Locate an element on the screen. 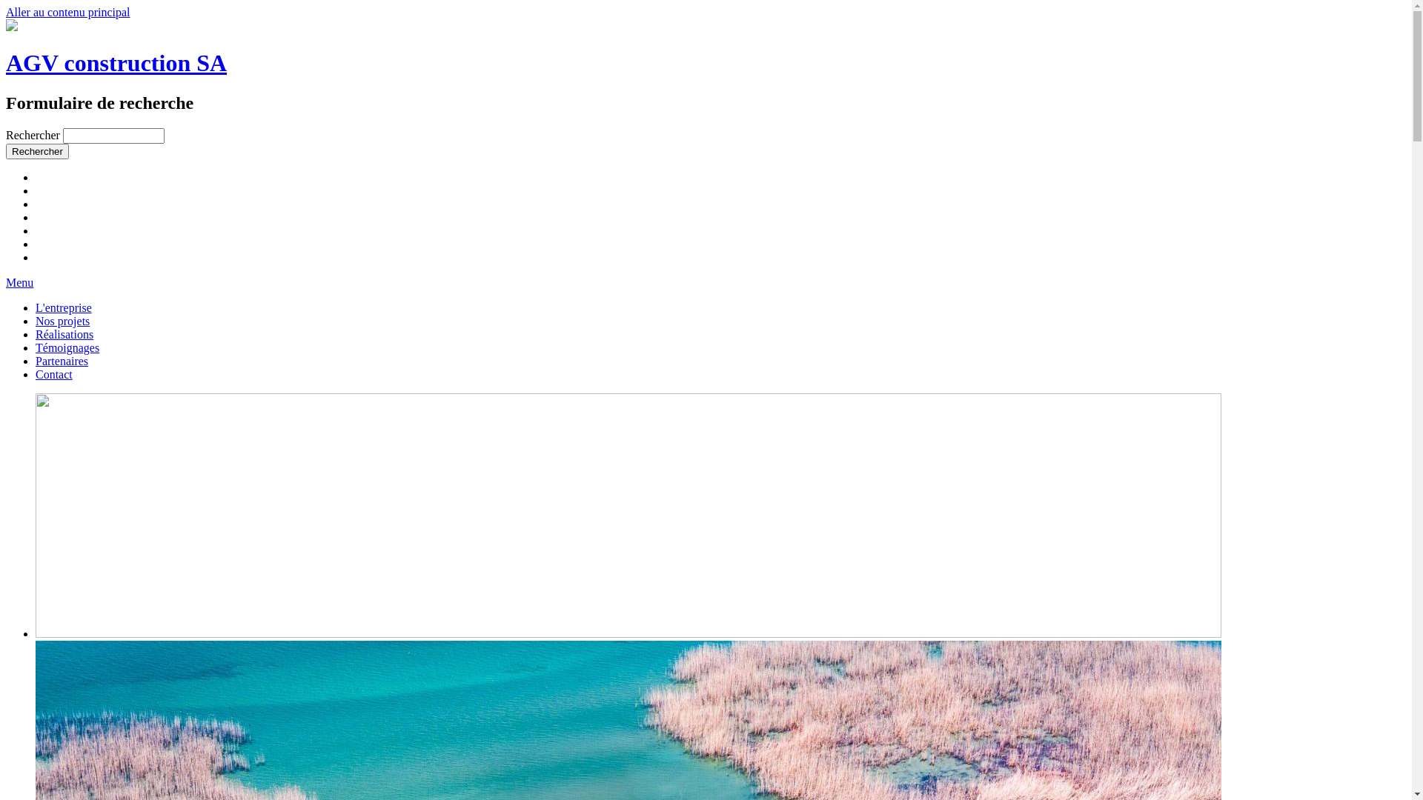 The width and height of the screenshot is (1423, 800). 'AGV construction SA' is located at coordinates (116, 61).